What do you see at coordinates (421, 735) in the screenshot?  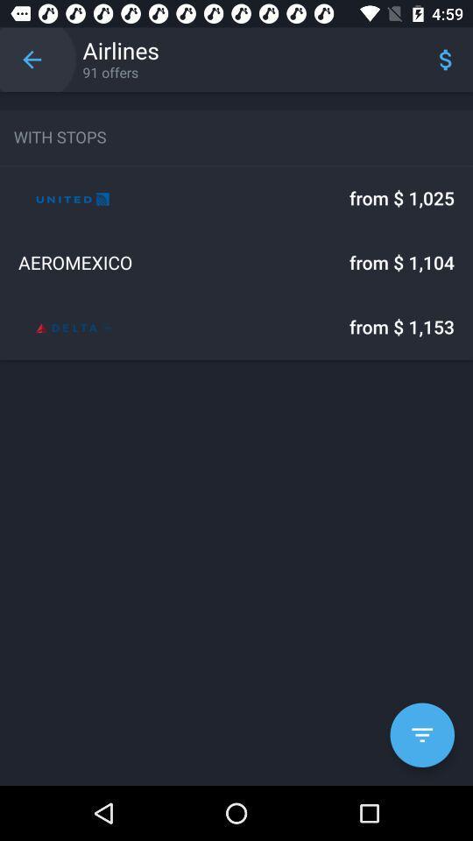 I see `the icon at the bottom right corner` at bounding box center [421, 735].